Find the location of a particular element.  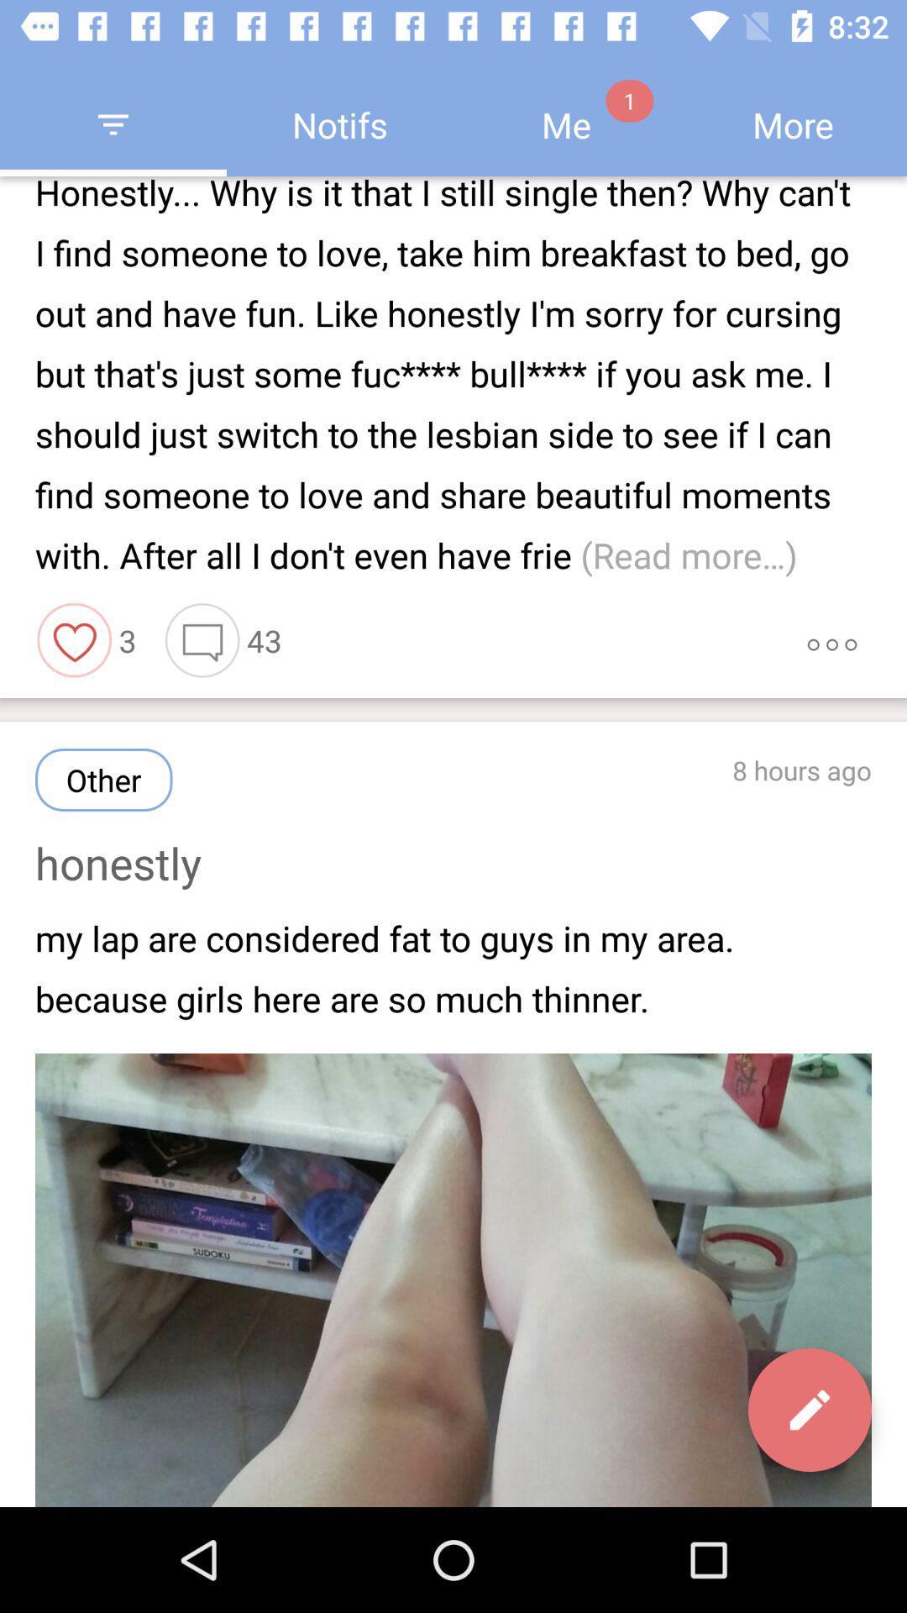

the item above other item is located at coordinates (202, 639).